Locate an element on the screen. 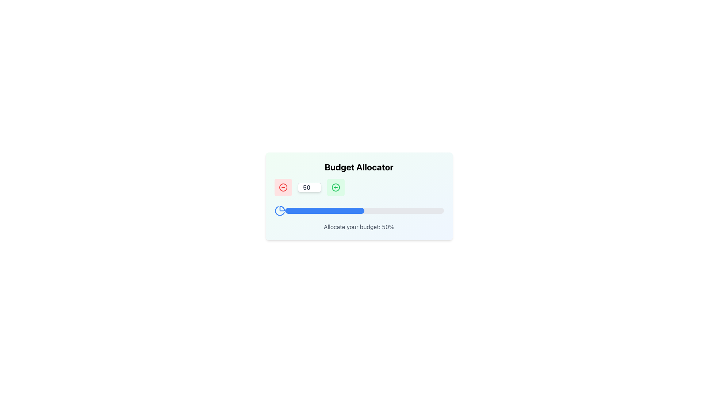  the minus icon, a circular graphic component located to the left of a numerical input and a '+' button is located at coordinates (283, 187).